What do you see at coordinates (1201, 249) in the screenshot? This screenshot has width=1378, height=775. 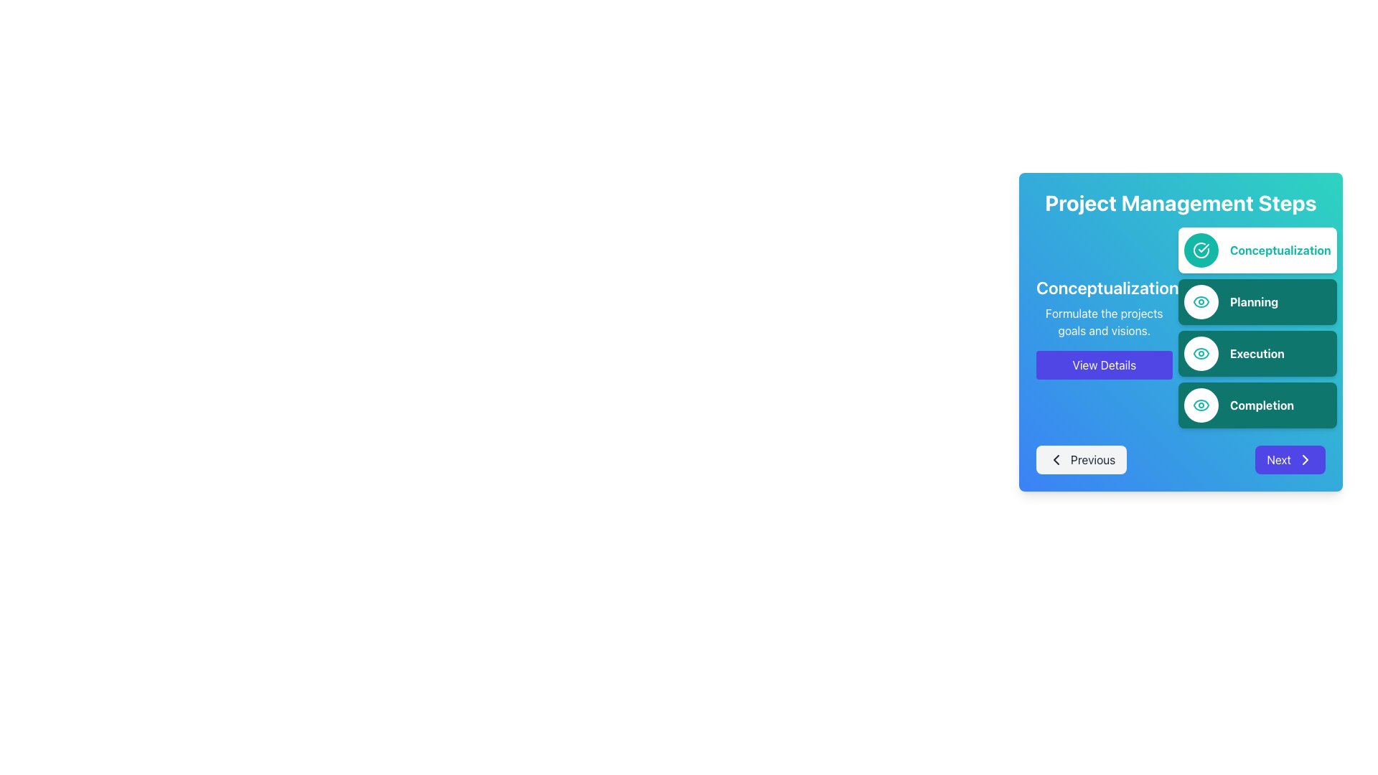 I see `the circular icon with a white checkmark inside a teal background, representing the 'Conceptualization' step in the 'Project Management Steps' interface` at bounding box center [1201, 249].